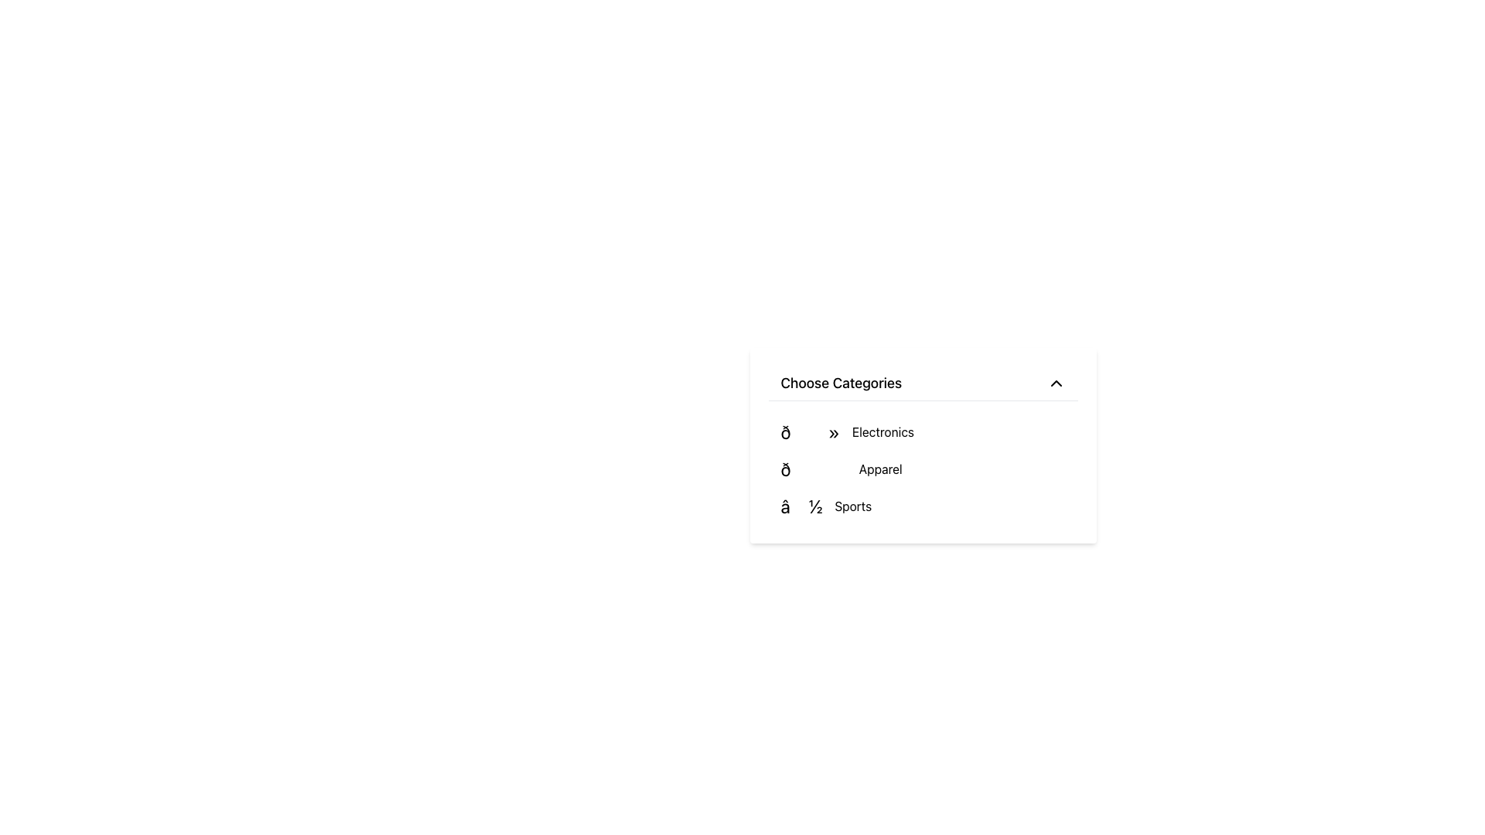 The height and width of the screenshot is (835, 1485). Describe the element at coordinates (841, 468) in the screenshot. I see `the 'Apparel' menu item, which is the second item in the vertical menu under 'Choose Categories', positioned between 'Electronics' and 'Sports'` at that location.